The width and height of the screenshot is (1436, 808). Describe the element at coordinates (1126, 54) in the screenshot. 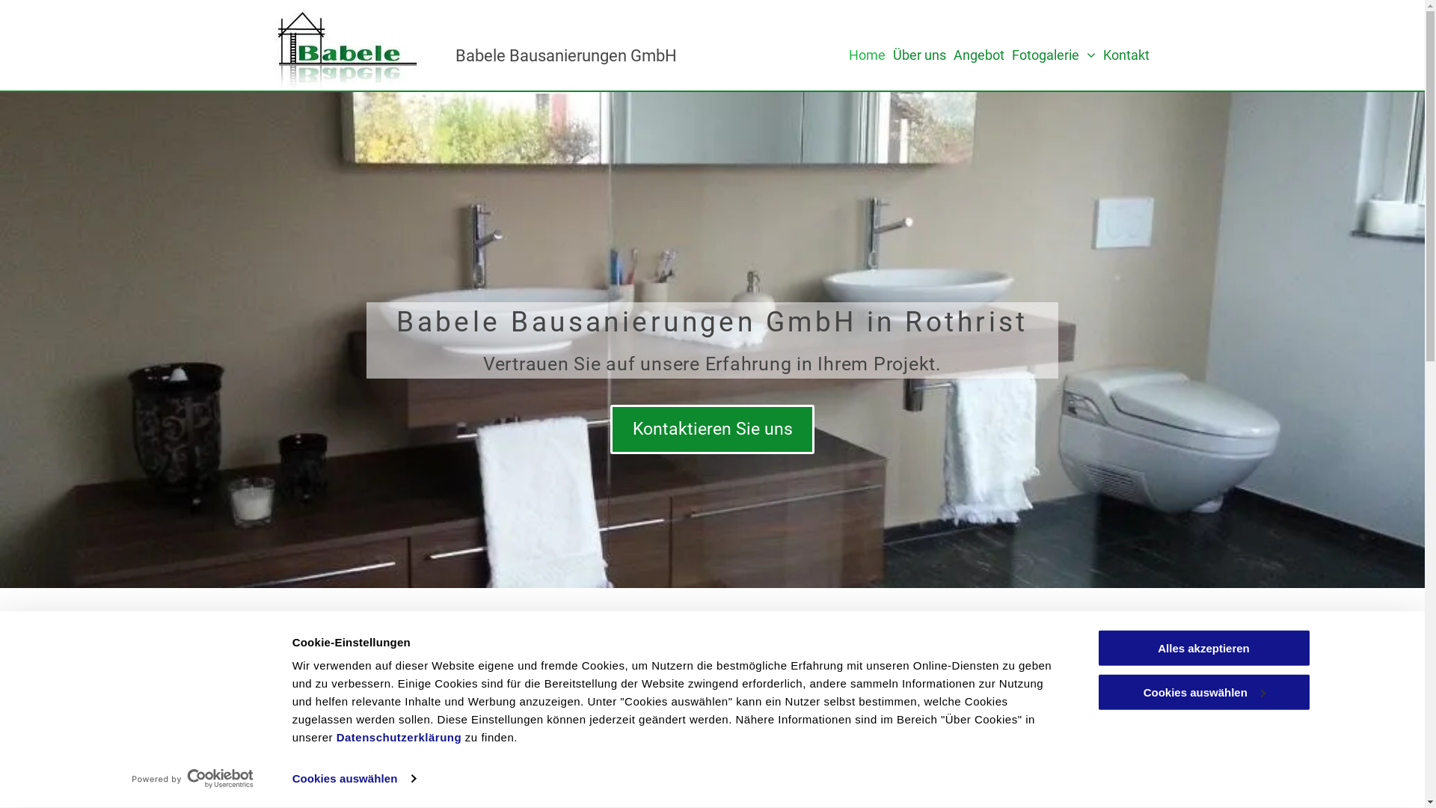

I see `'Kontakt'` at that location.